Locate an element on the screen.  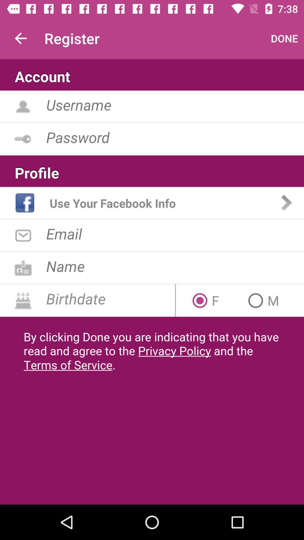
text is located at coordinates (175, 233).